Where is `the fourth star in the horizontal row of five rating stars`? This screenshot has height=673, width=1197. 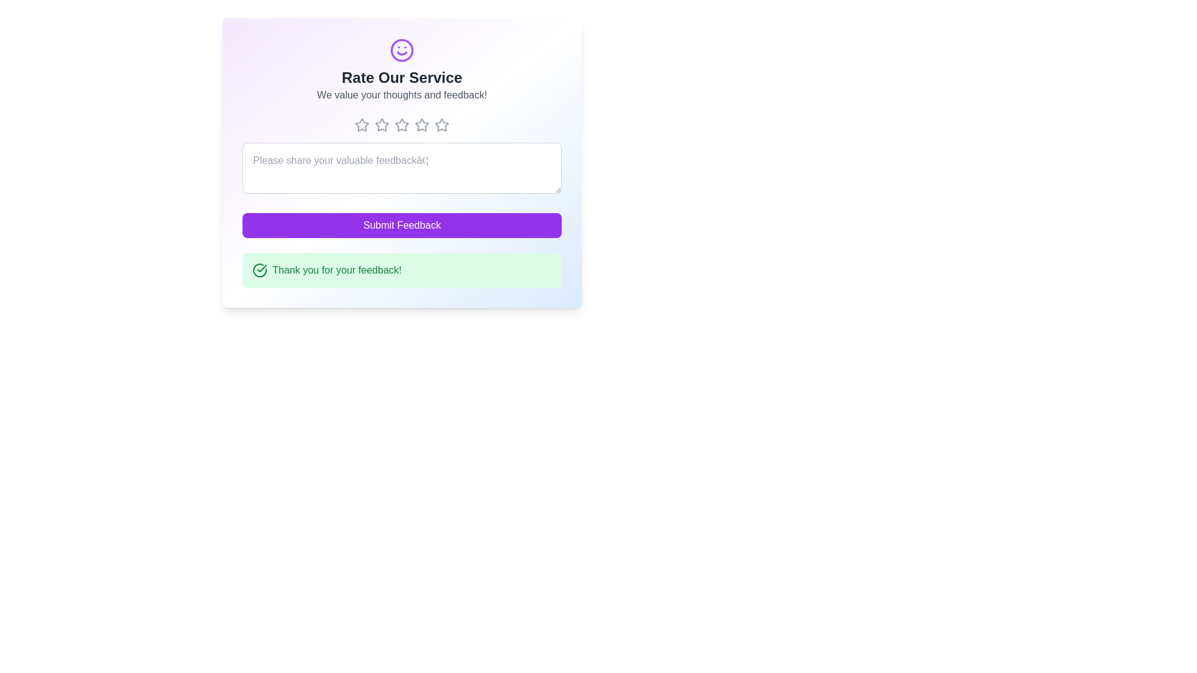
the fourth star in the horizontal row of five rating stars is located at coordinates (421, 125).